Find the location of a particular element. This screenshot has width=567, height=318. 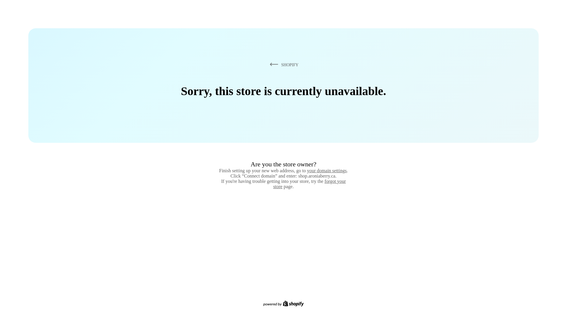

'forgot your store' is located at coordinates (309, 183).